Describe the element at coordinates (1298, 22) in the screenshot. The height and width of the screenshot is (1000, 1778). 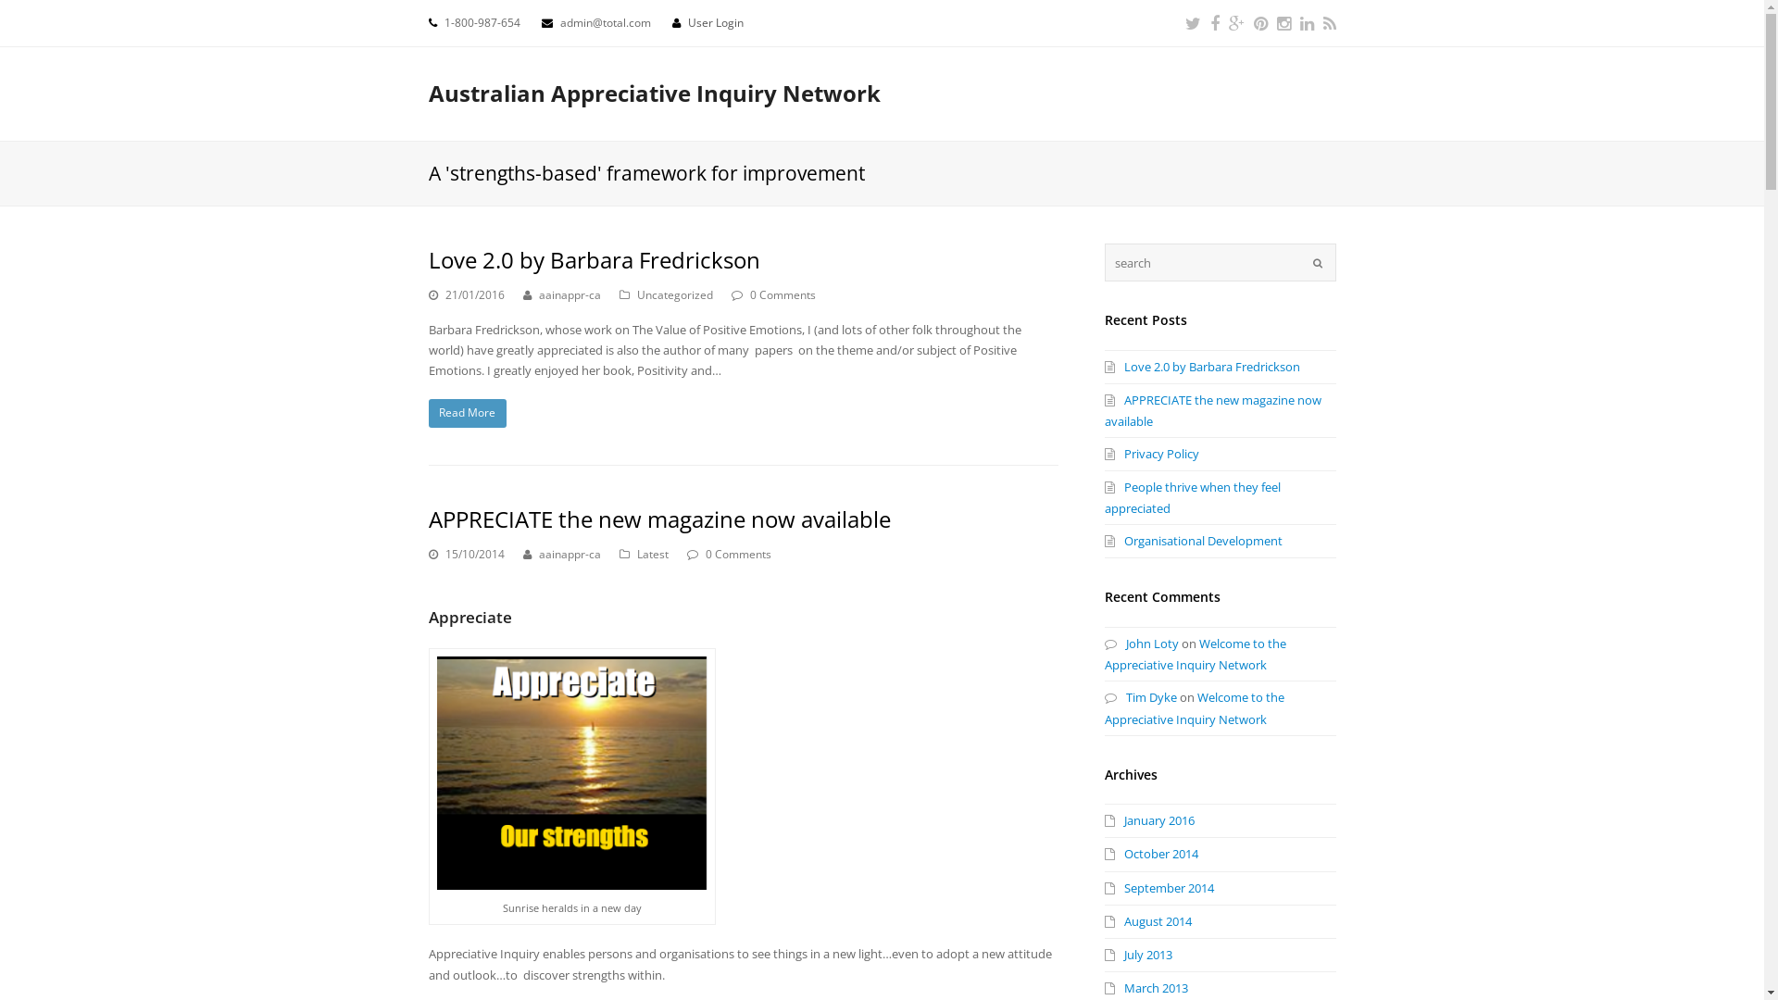
I see `'LinkedIn'` at that location.